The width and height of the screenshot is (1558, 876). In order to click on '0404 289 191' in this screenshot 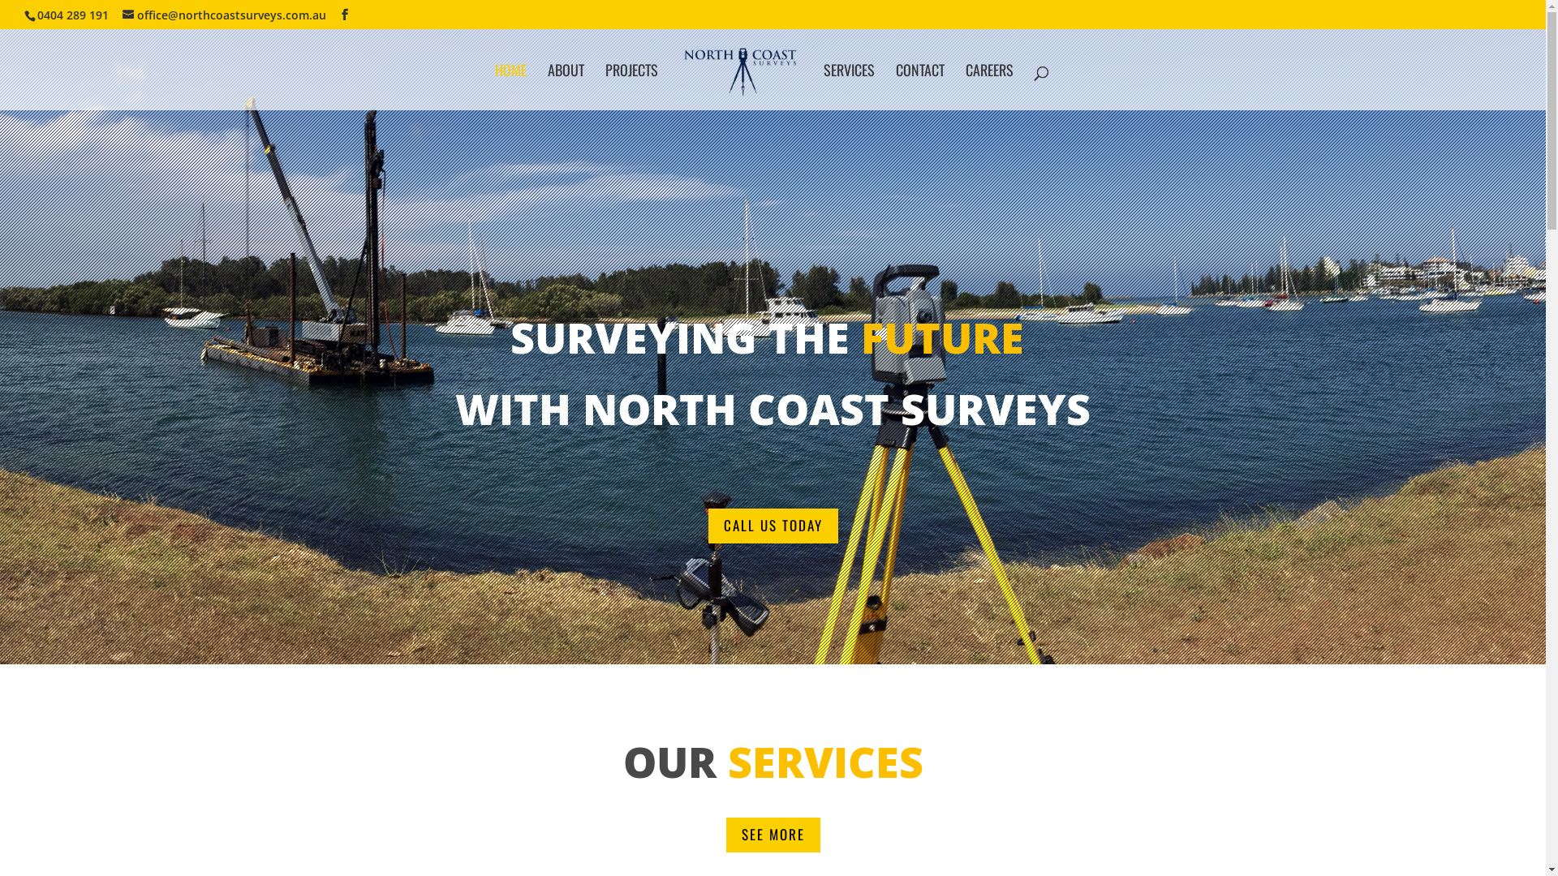, I will do `click(72, 14)`.